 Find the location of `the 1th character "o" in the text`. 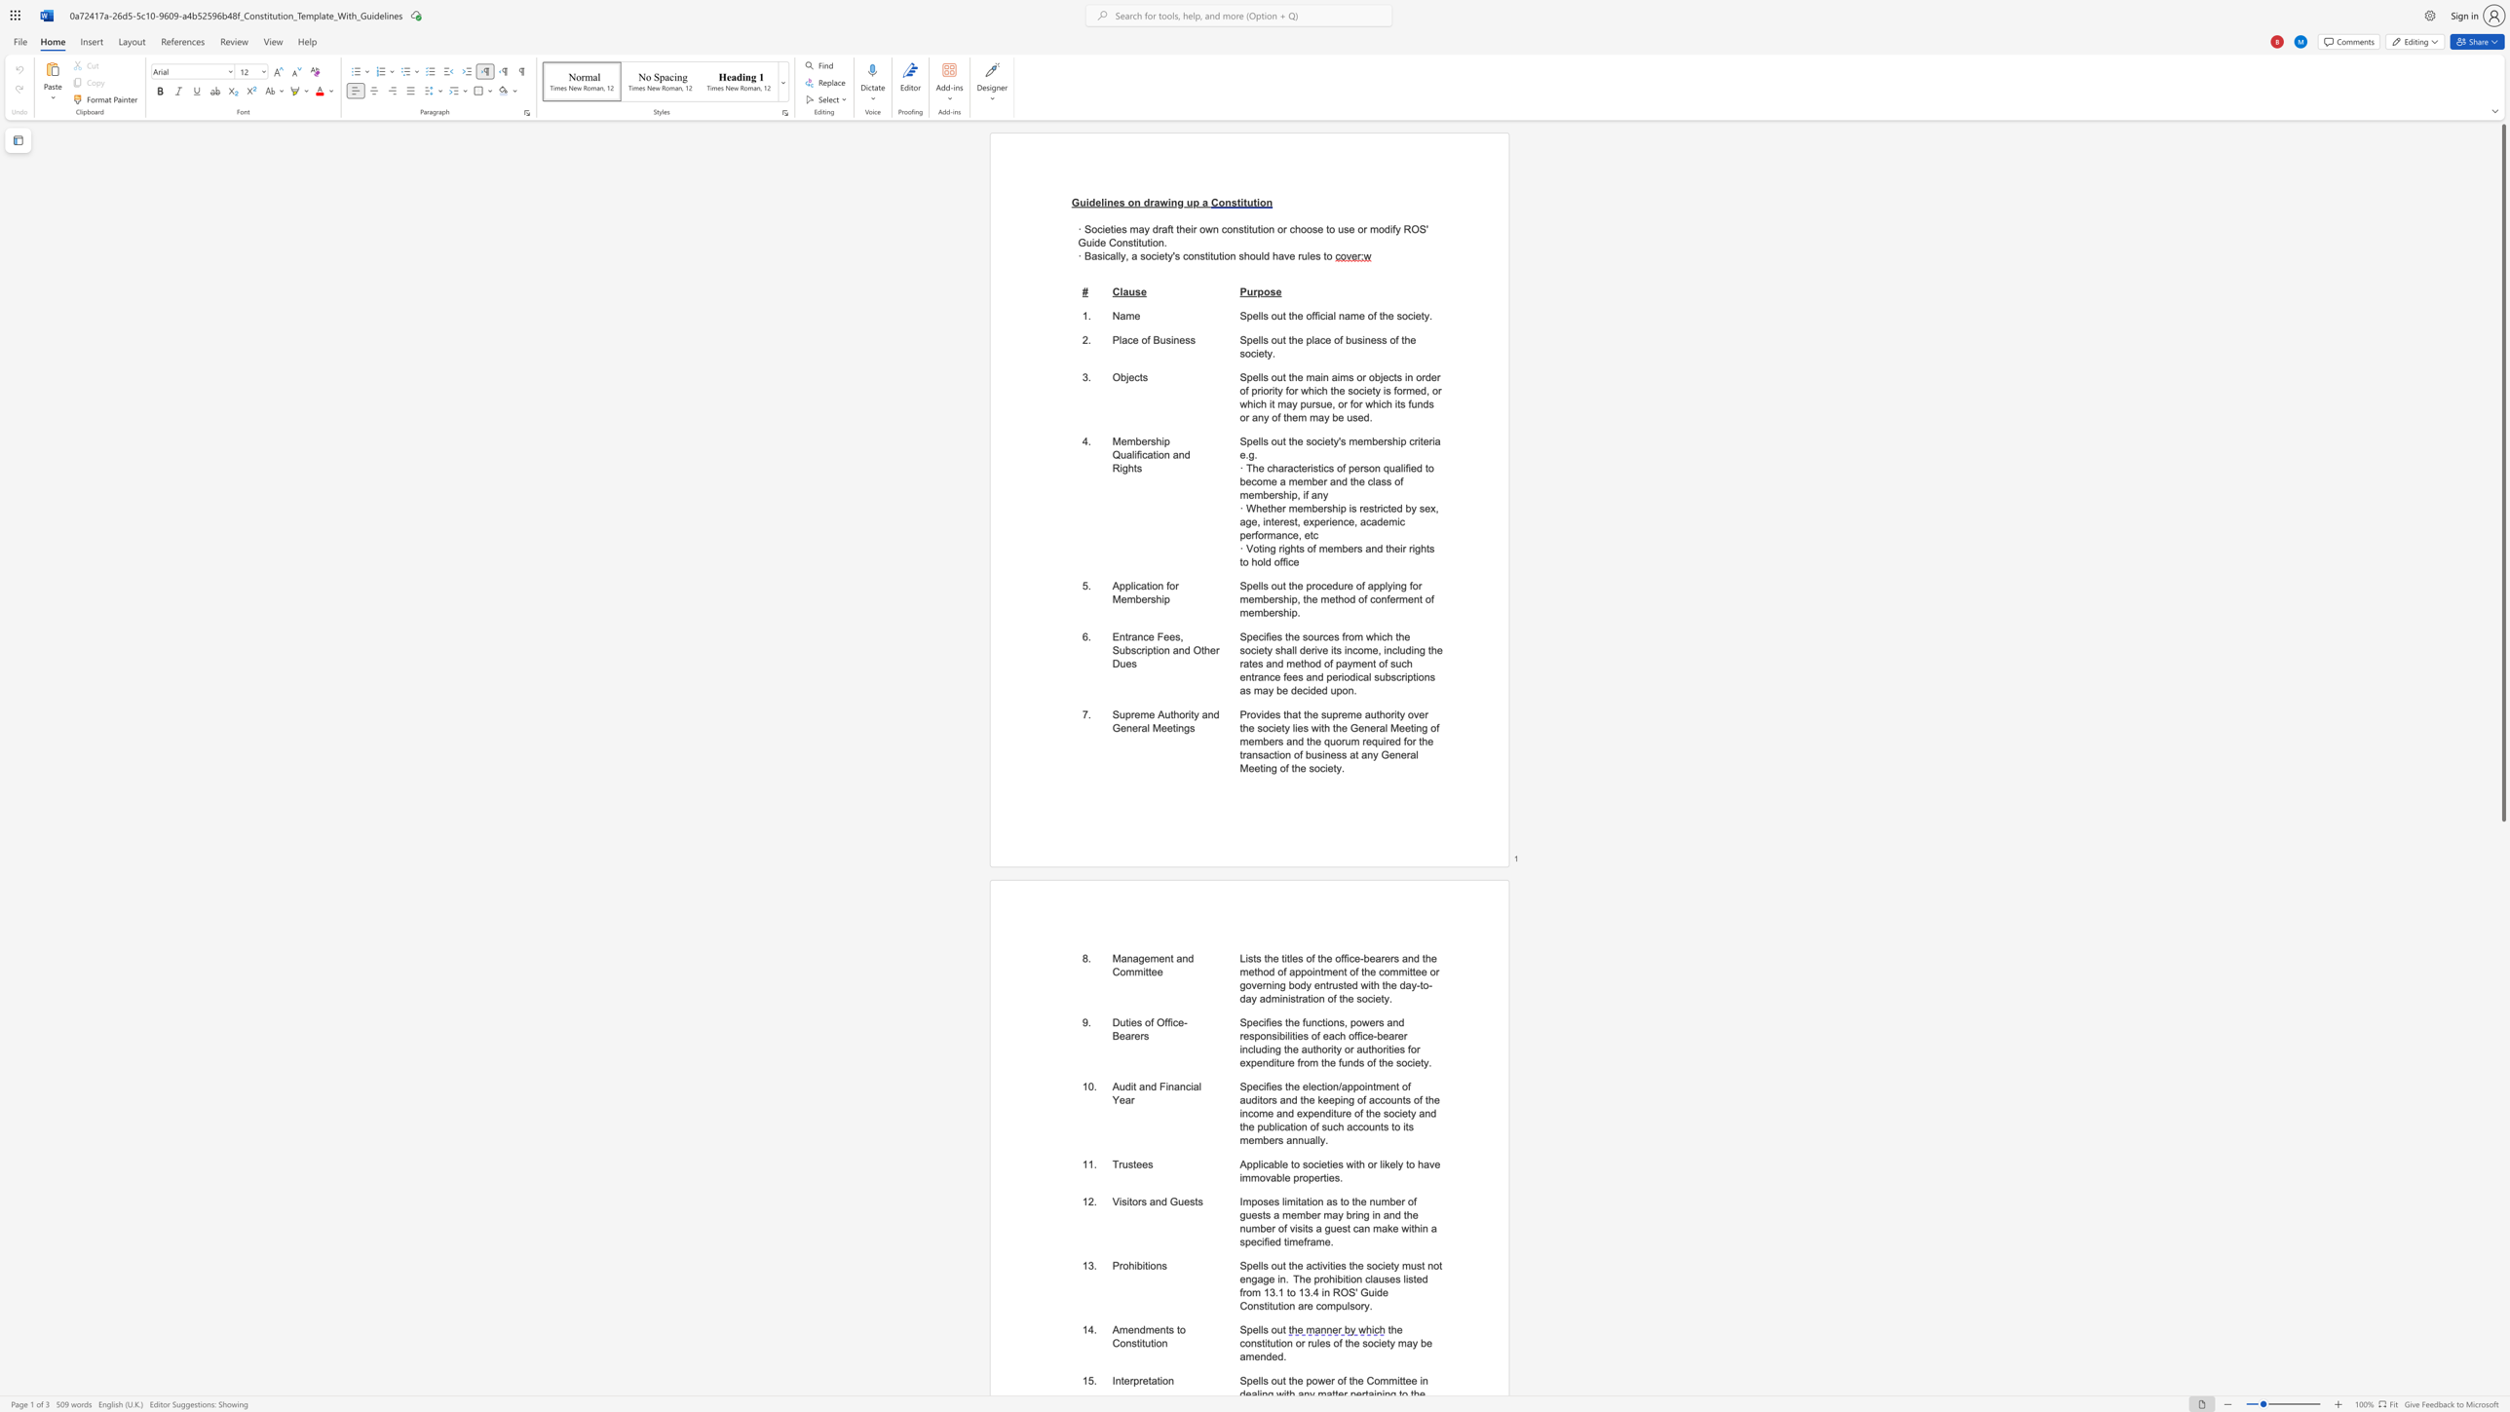

the 1th character "o" in the text is located at coordinates (1274, 315).